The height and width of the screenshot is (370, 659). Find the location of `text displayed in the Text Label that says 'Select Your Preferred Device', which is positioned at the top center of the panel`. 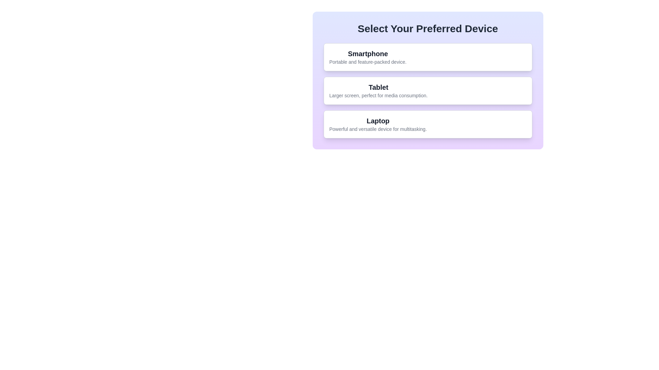

text displayed in the Text Label that says 'Select Your Preferred Device', which is positioned at the top center of the panel is located at coordinates (427, 28).